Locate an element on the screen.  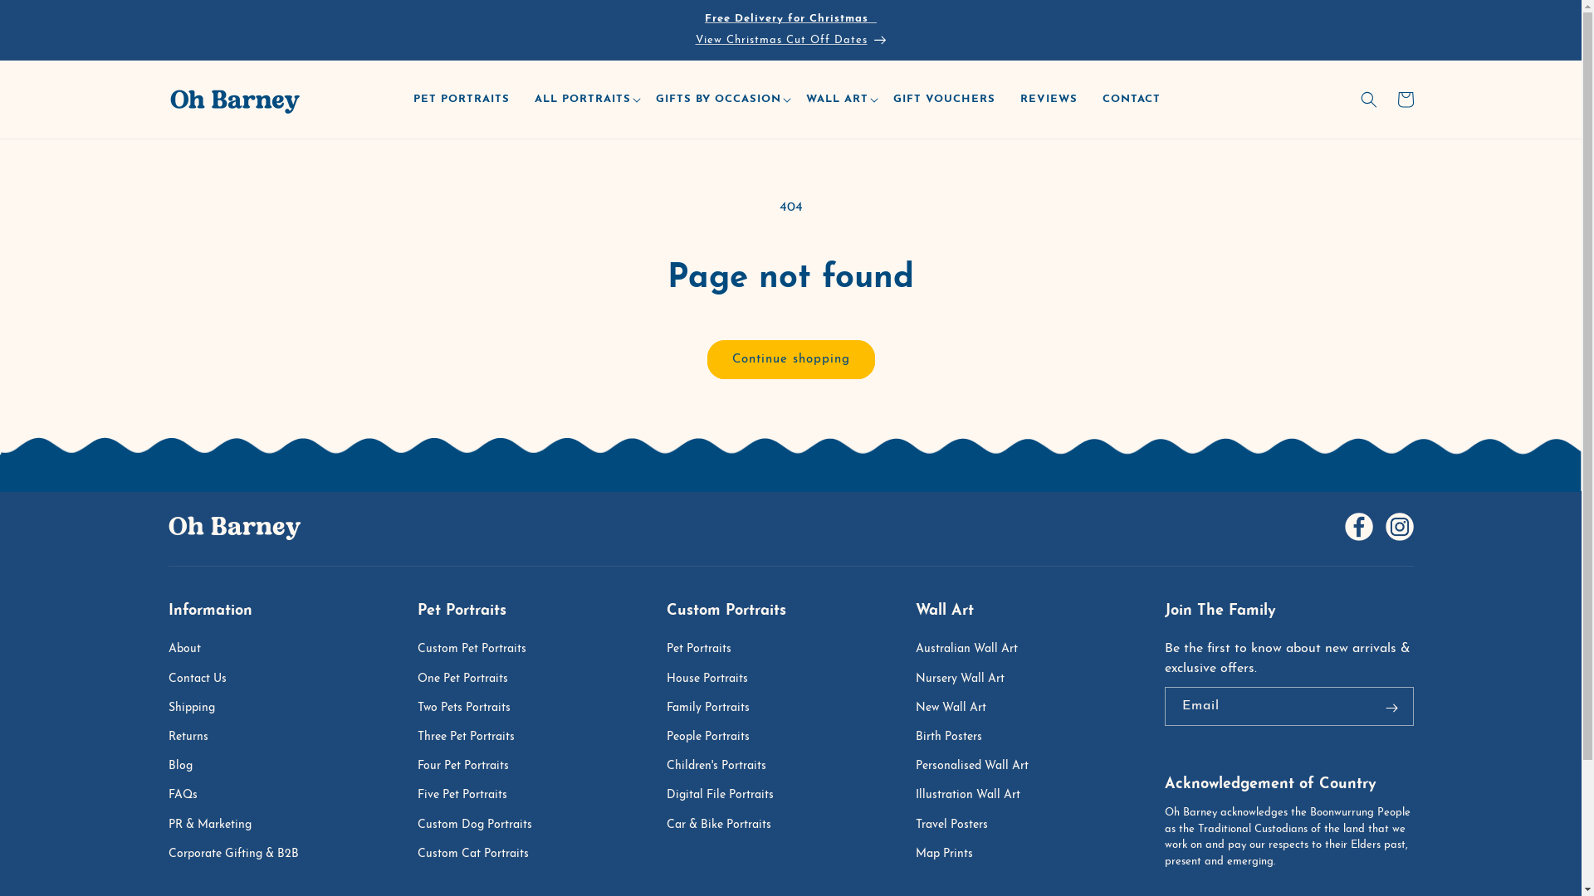
'Map Prints' is located at coordinates (914, 854).